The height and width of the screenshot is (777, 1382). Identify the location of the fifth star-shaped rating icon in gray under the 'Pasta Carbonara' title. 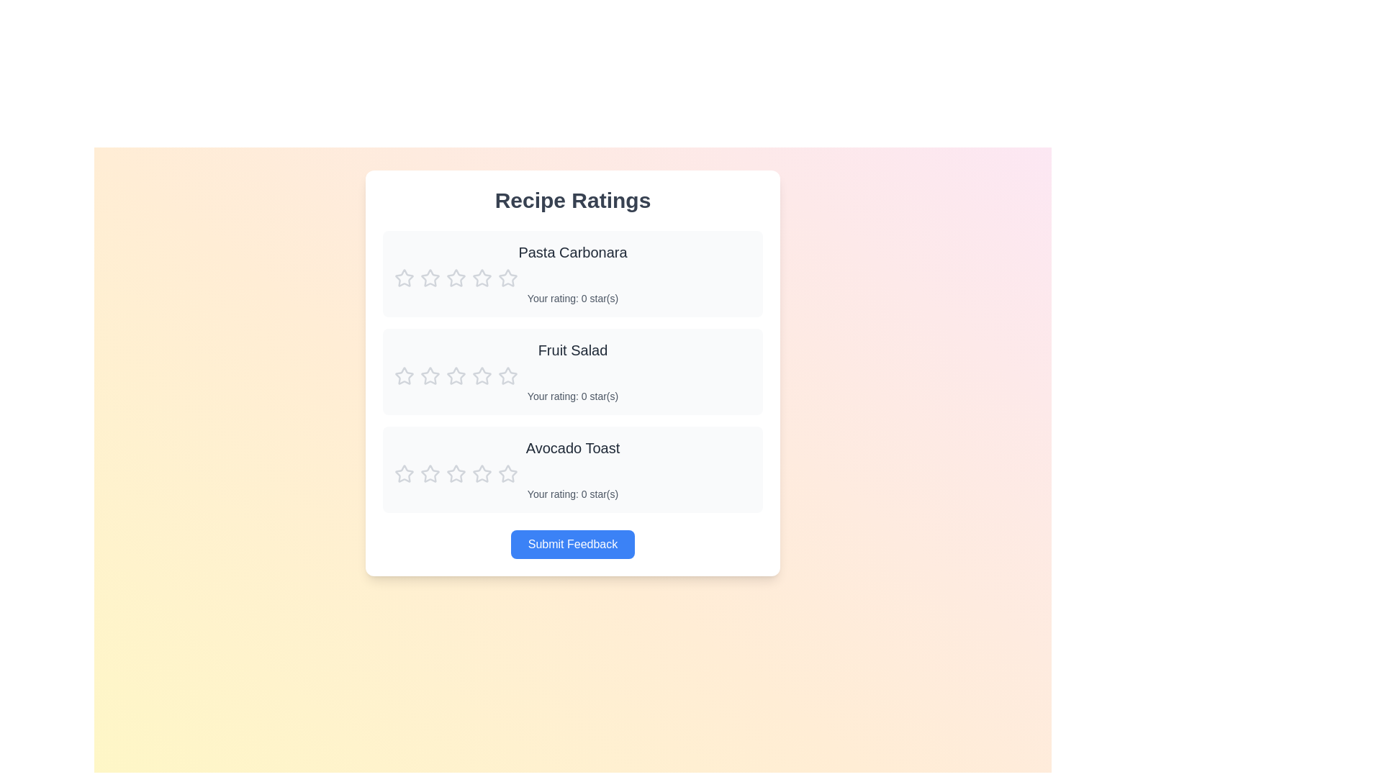
(482, 278).